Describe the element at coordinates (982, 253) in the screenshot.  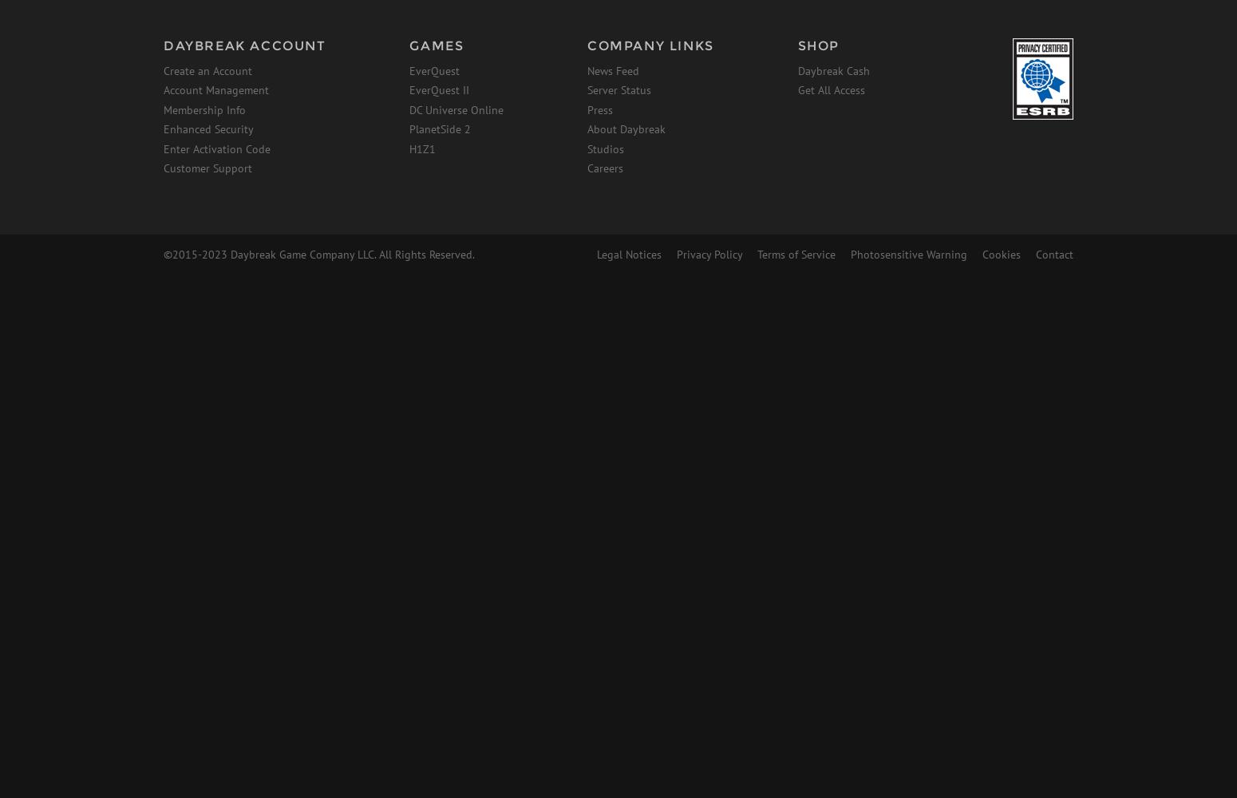
I see `'Cookies'` at that location.